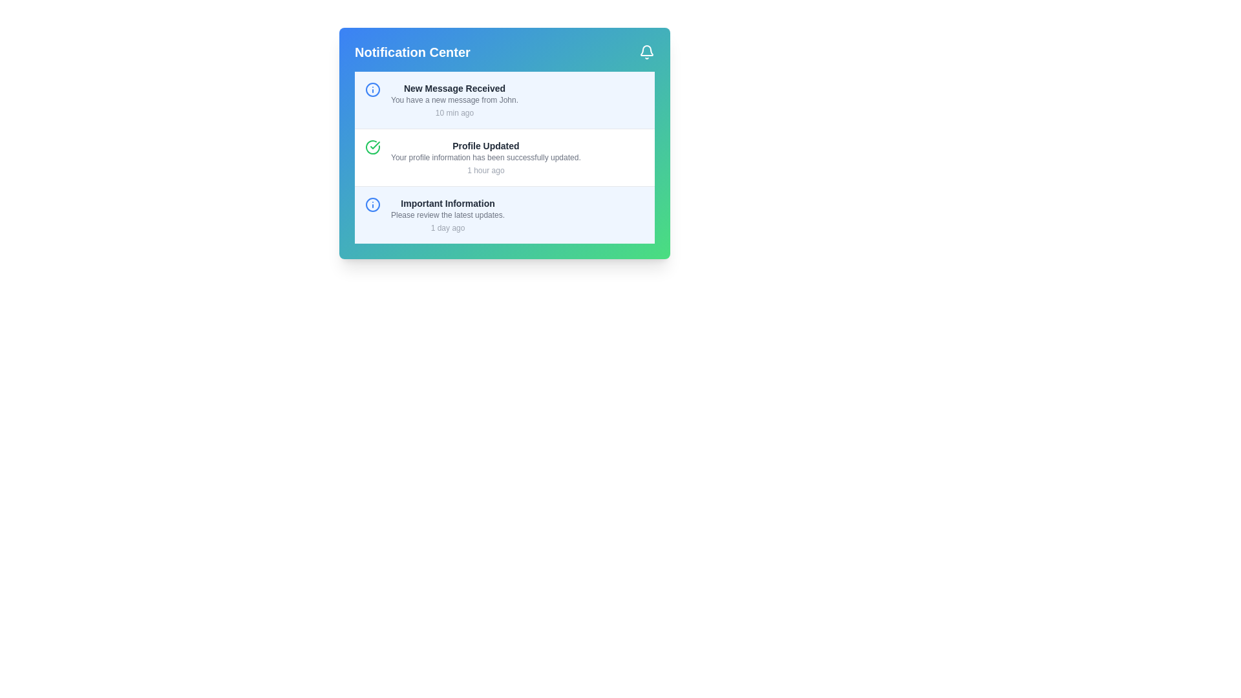  I want to click on notification indicating that the user's profile information has been updated, located below 'New Message Received' and above 'Important Information', so click(485, 156).